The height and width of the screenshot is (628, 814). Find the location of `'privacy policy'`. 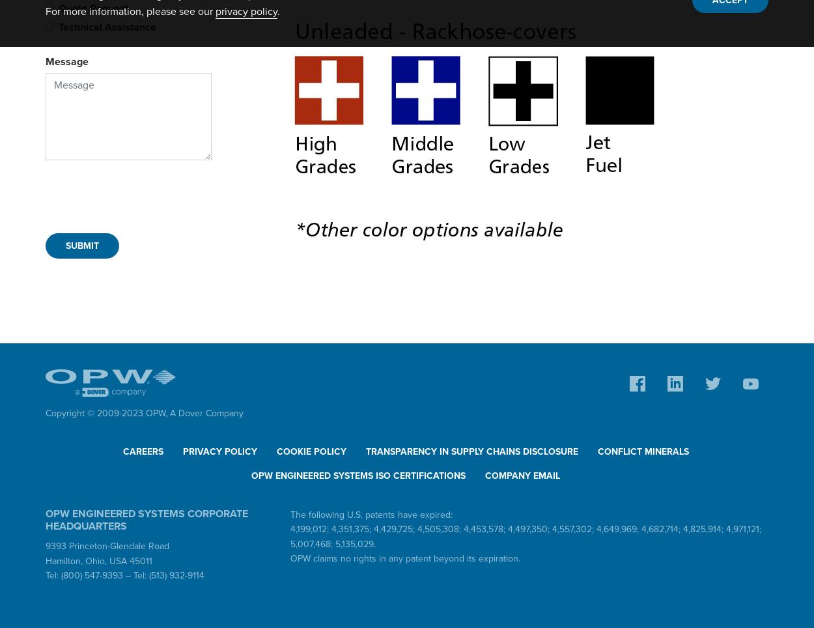

'privacy policy' is located at coordinates (246, 11).